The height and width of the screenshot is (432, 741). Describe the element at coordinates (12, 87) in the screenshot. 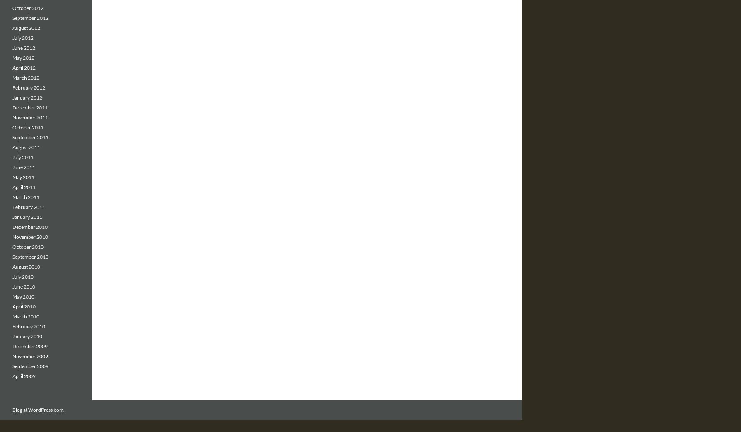

I see `'February 2012'` at that location.